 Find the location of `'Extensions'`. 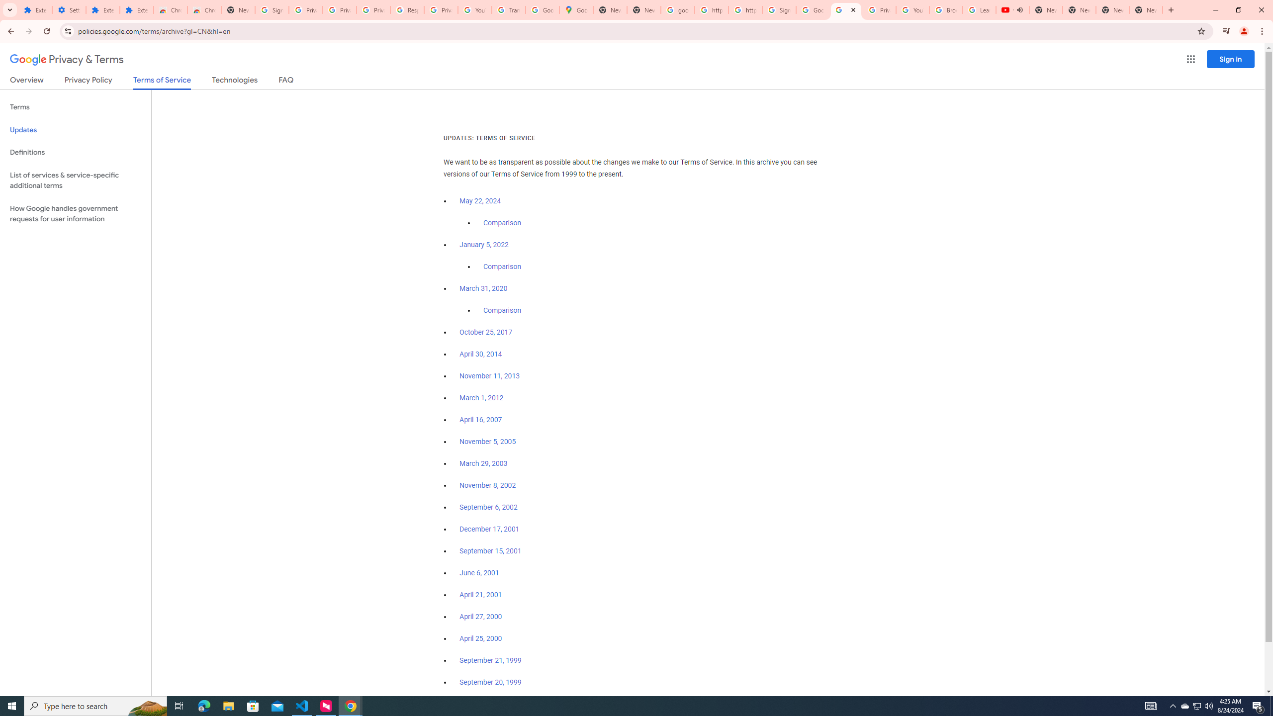

'Extensions' is located at coordinates (136, 9).